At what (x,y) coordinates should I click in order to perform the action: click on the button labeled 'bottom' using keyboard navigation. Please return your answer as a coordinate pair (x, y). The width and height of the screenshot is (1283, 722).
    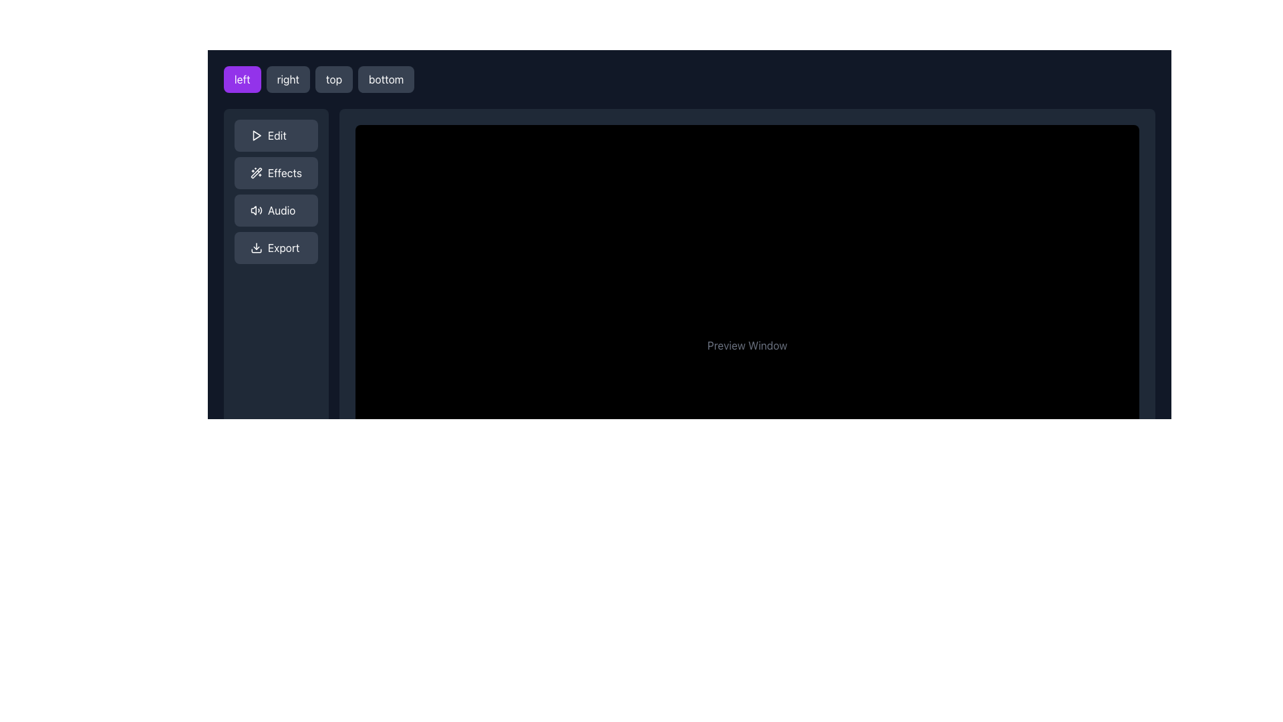
    Looking at the image, I should click on (386, 80).